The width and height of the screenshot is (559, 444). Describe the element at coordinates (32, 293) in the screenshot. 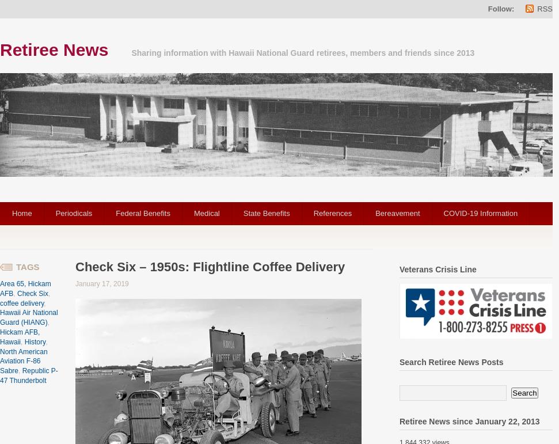

I see `'Check Six'` at that location.